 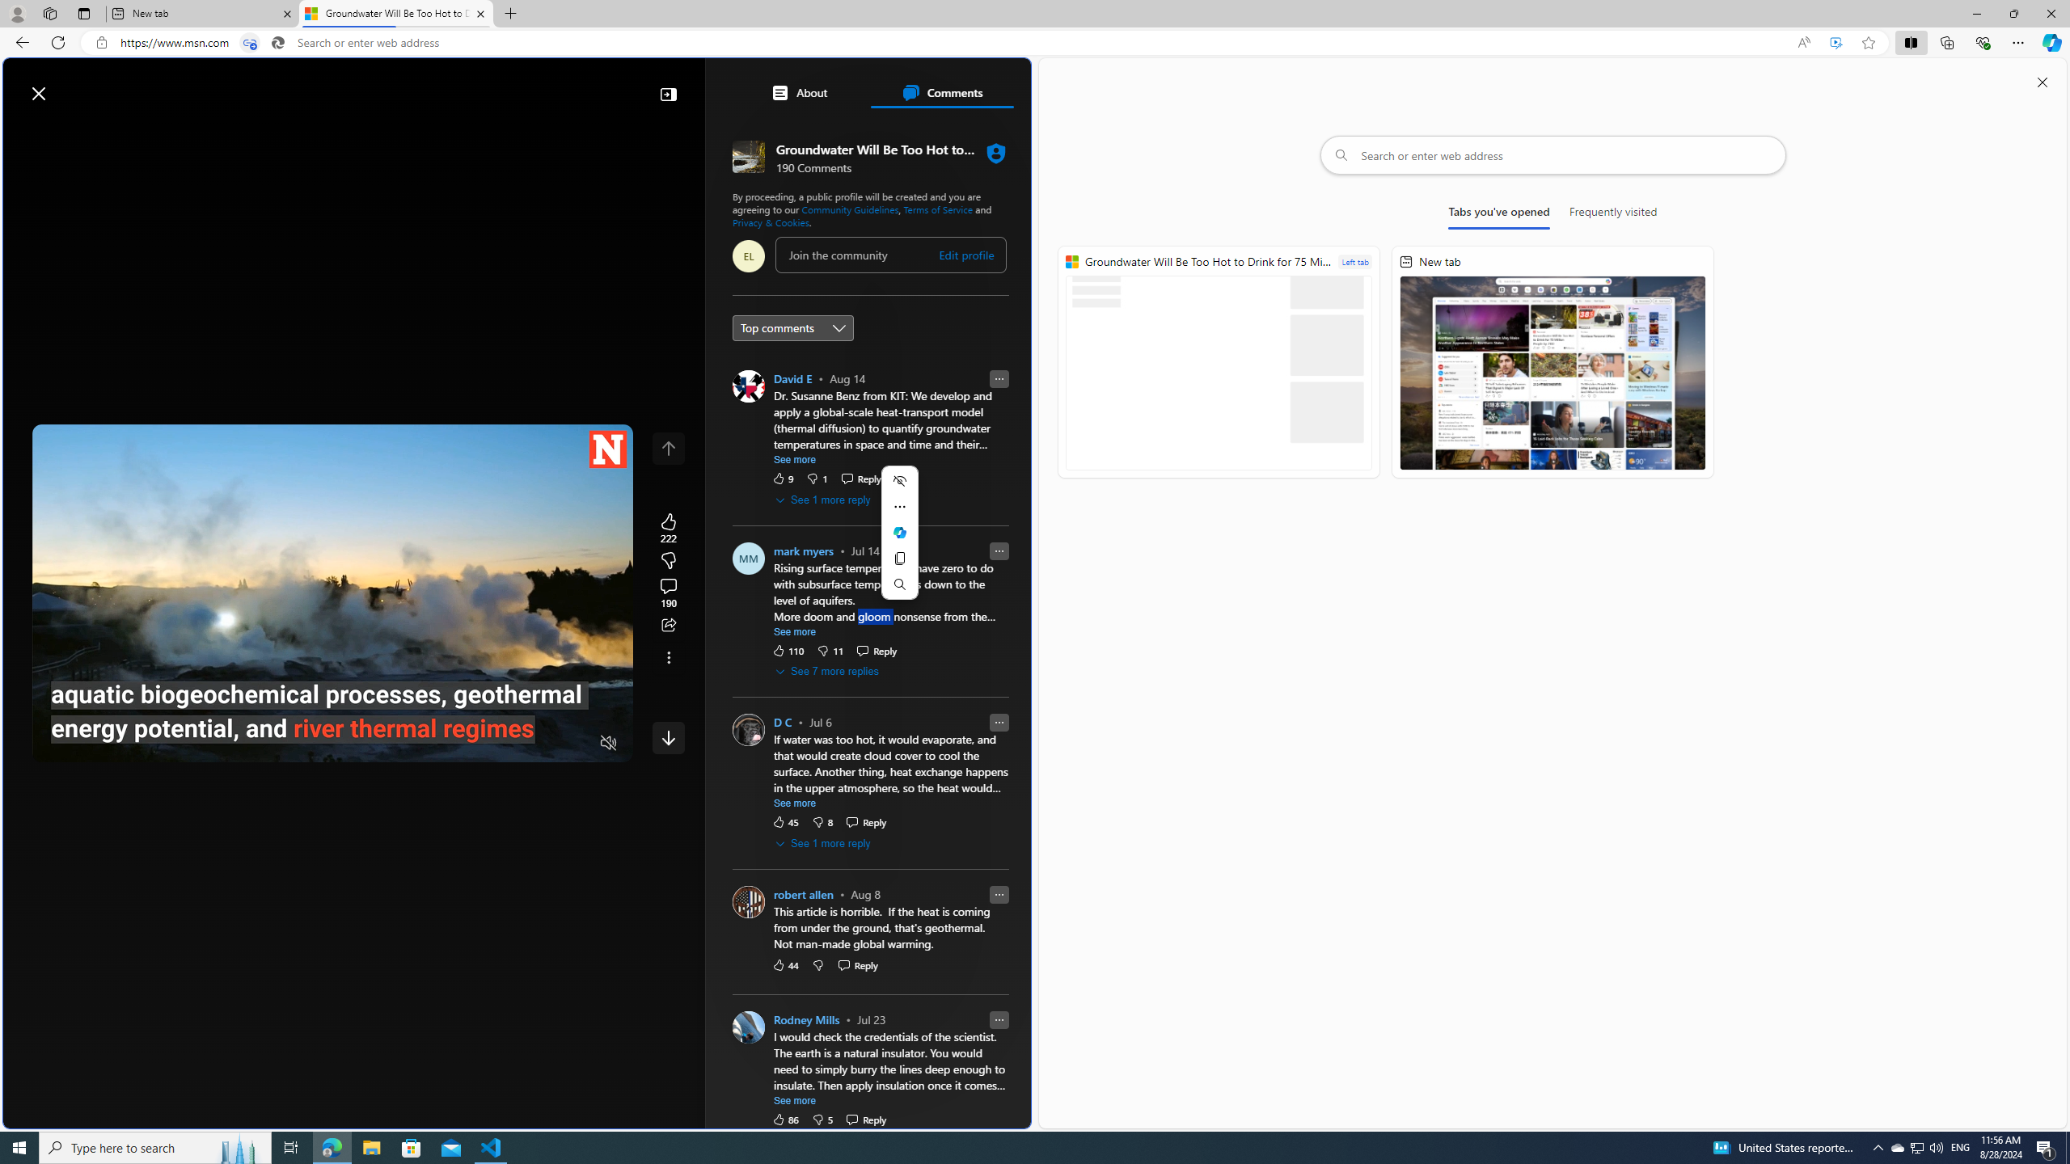 I want to click on 'Reply Reply Comment', so click(x=866, y=1118).